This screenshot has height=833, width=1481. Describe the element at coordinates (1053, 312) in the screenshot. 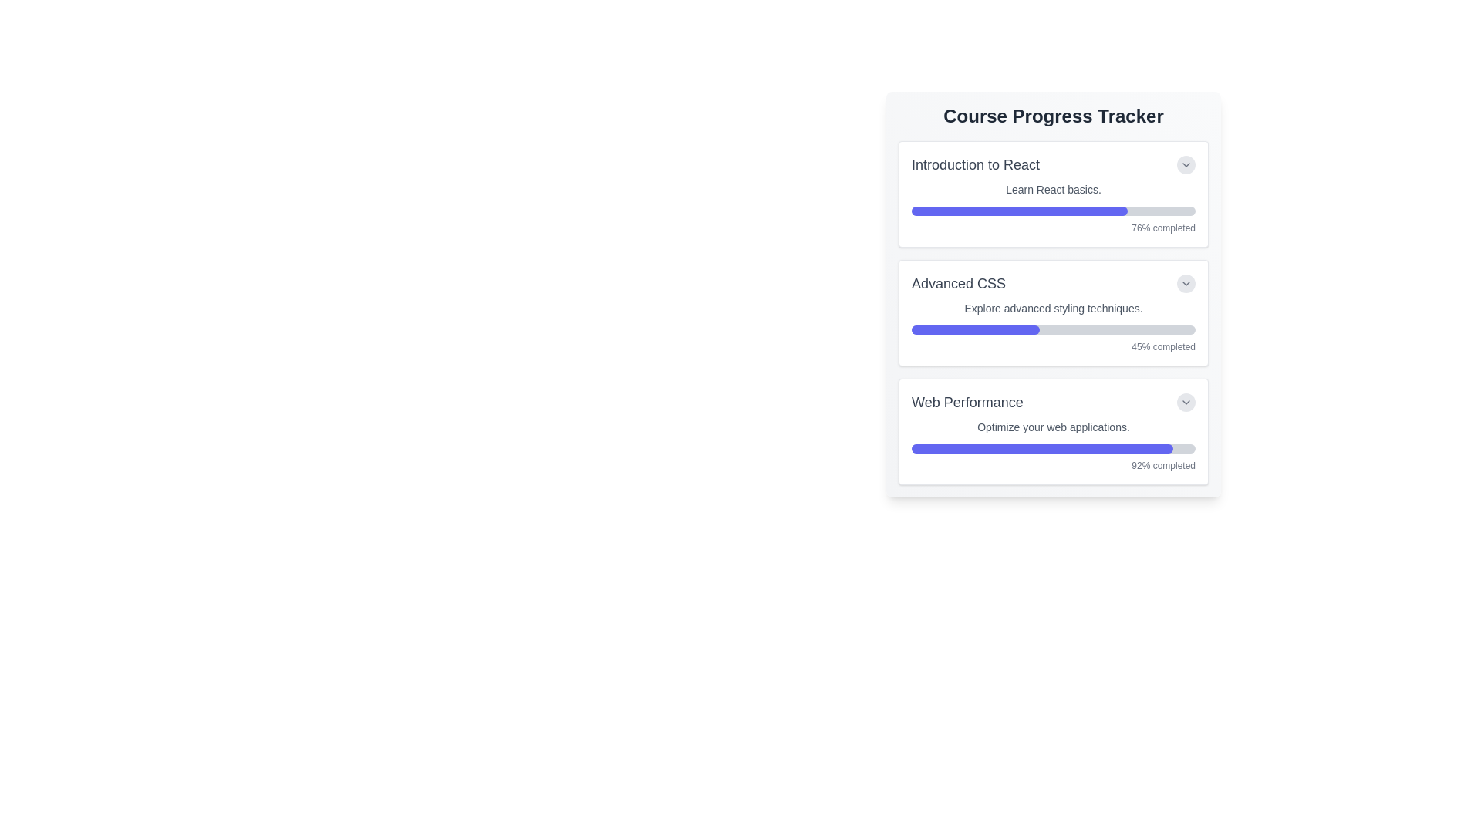

I see `the list containing progress monitoring cards` at that location.